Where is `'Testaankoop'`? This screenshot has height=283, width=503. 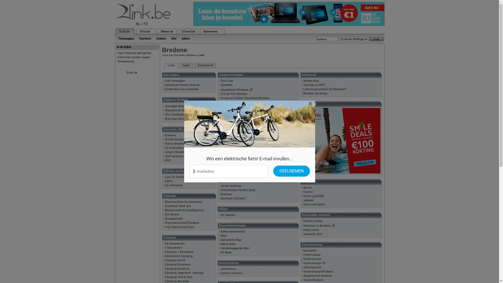
'Testaankoop' is located at coordinates (117, 61).